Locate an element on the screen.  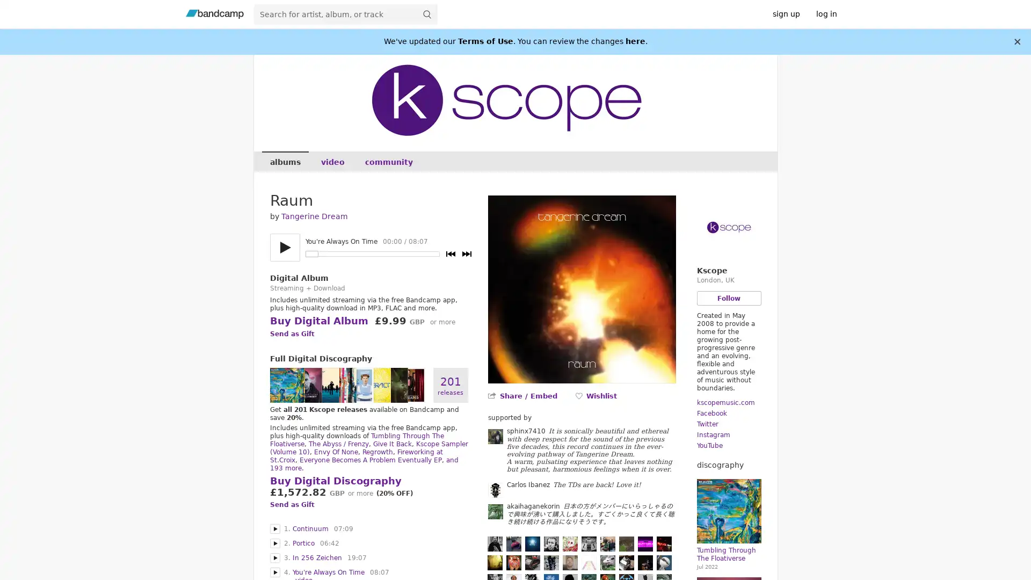
Next track is located at coordinates (466, 254).